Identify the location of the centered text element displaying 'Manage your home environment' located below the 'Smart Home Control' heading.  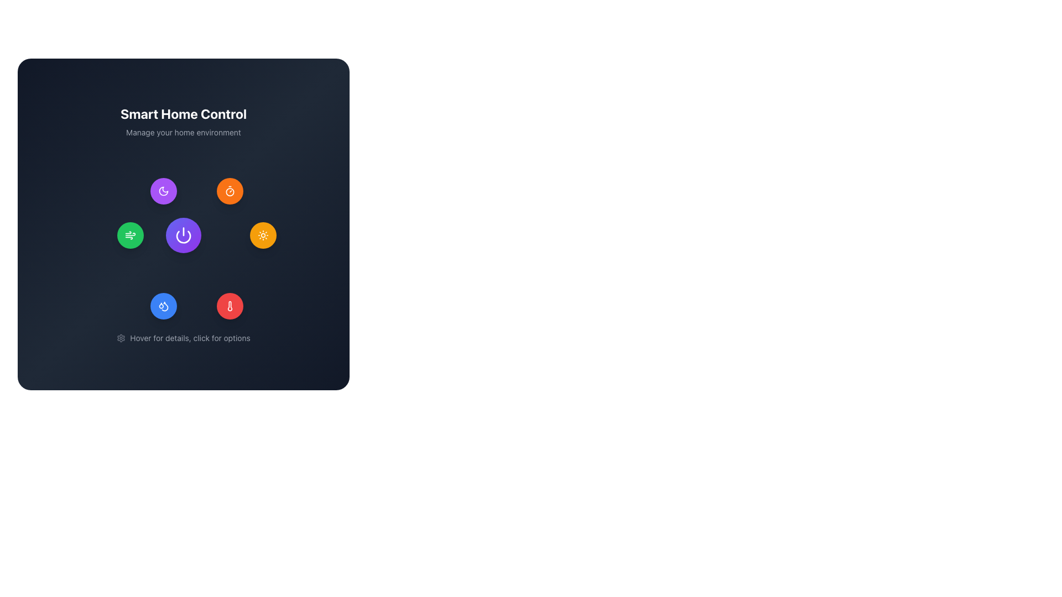
(183, 132).